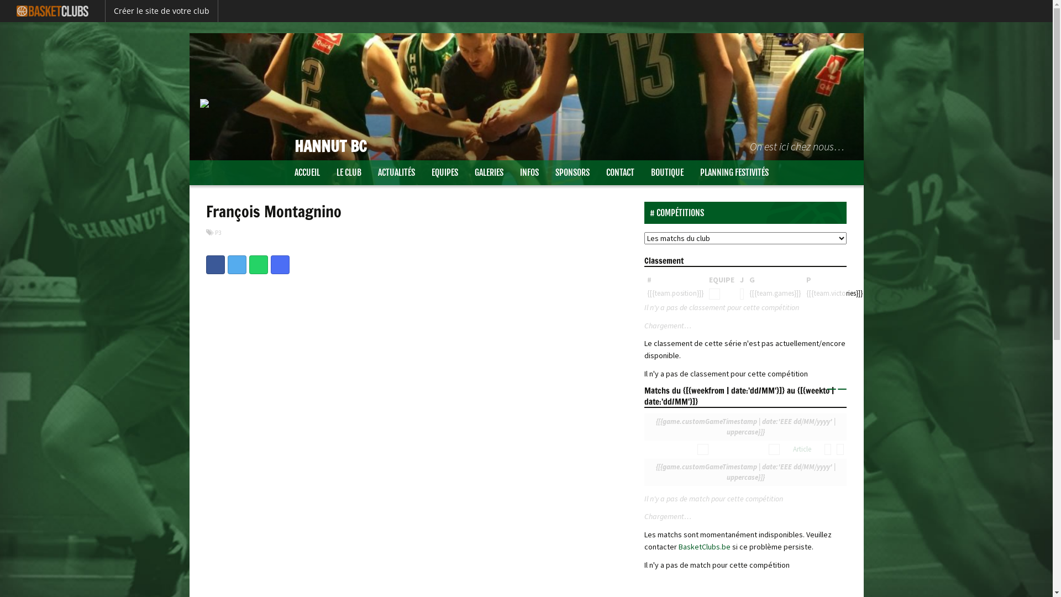  I want to click on 'CONTACT', so click(620, 172).